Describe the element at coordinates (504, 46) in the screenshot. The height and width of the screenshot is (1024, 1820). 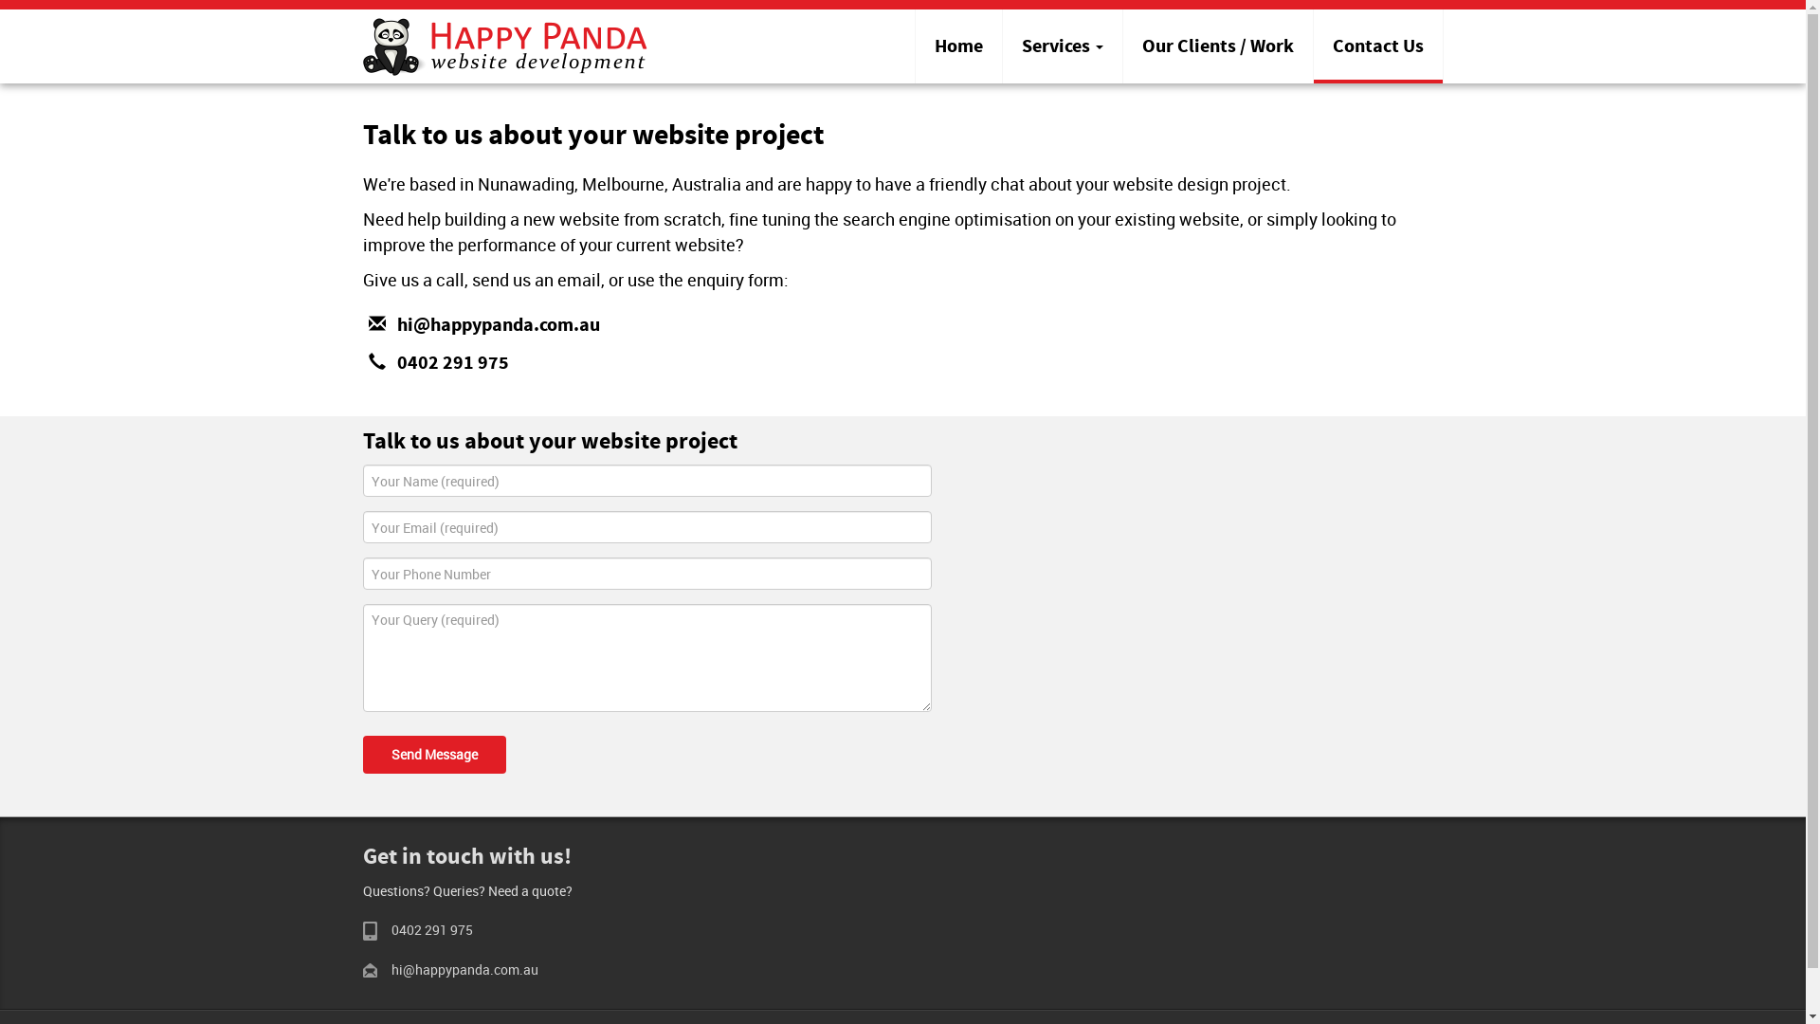
I see `'Happy Panda website design'` at that location.